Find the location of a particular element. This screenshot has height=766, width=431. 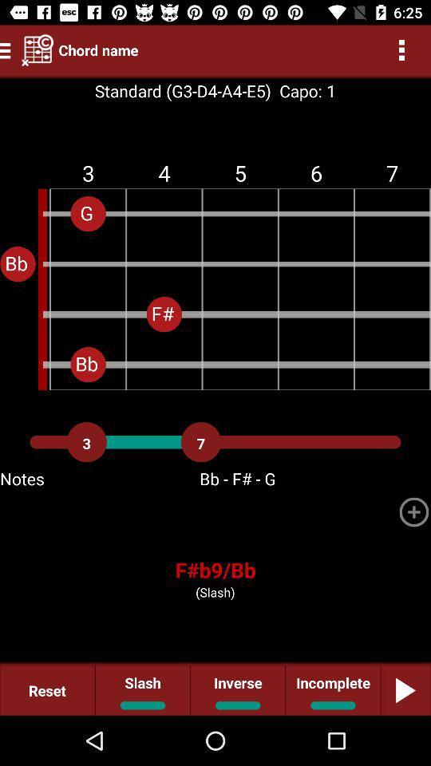

icon to the right of the standard g3 d4 item is located at coordinates (303, 91).